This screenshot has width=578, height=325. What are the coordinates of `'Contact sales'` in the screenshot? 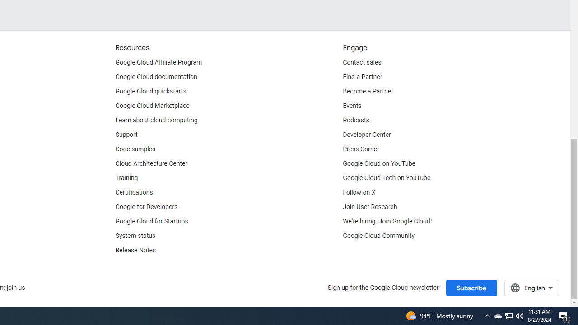 It's located at (362, 62).